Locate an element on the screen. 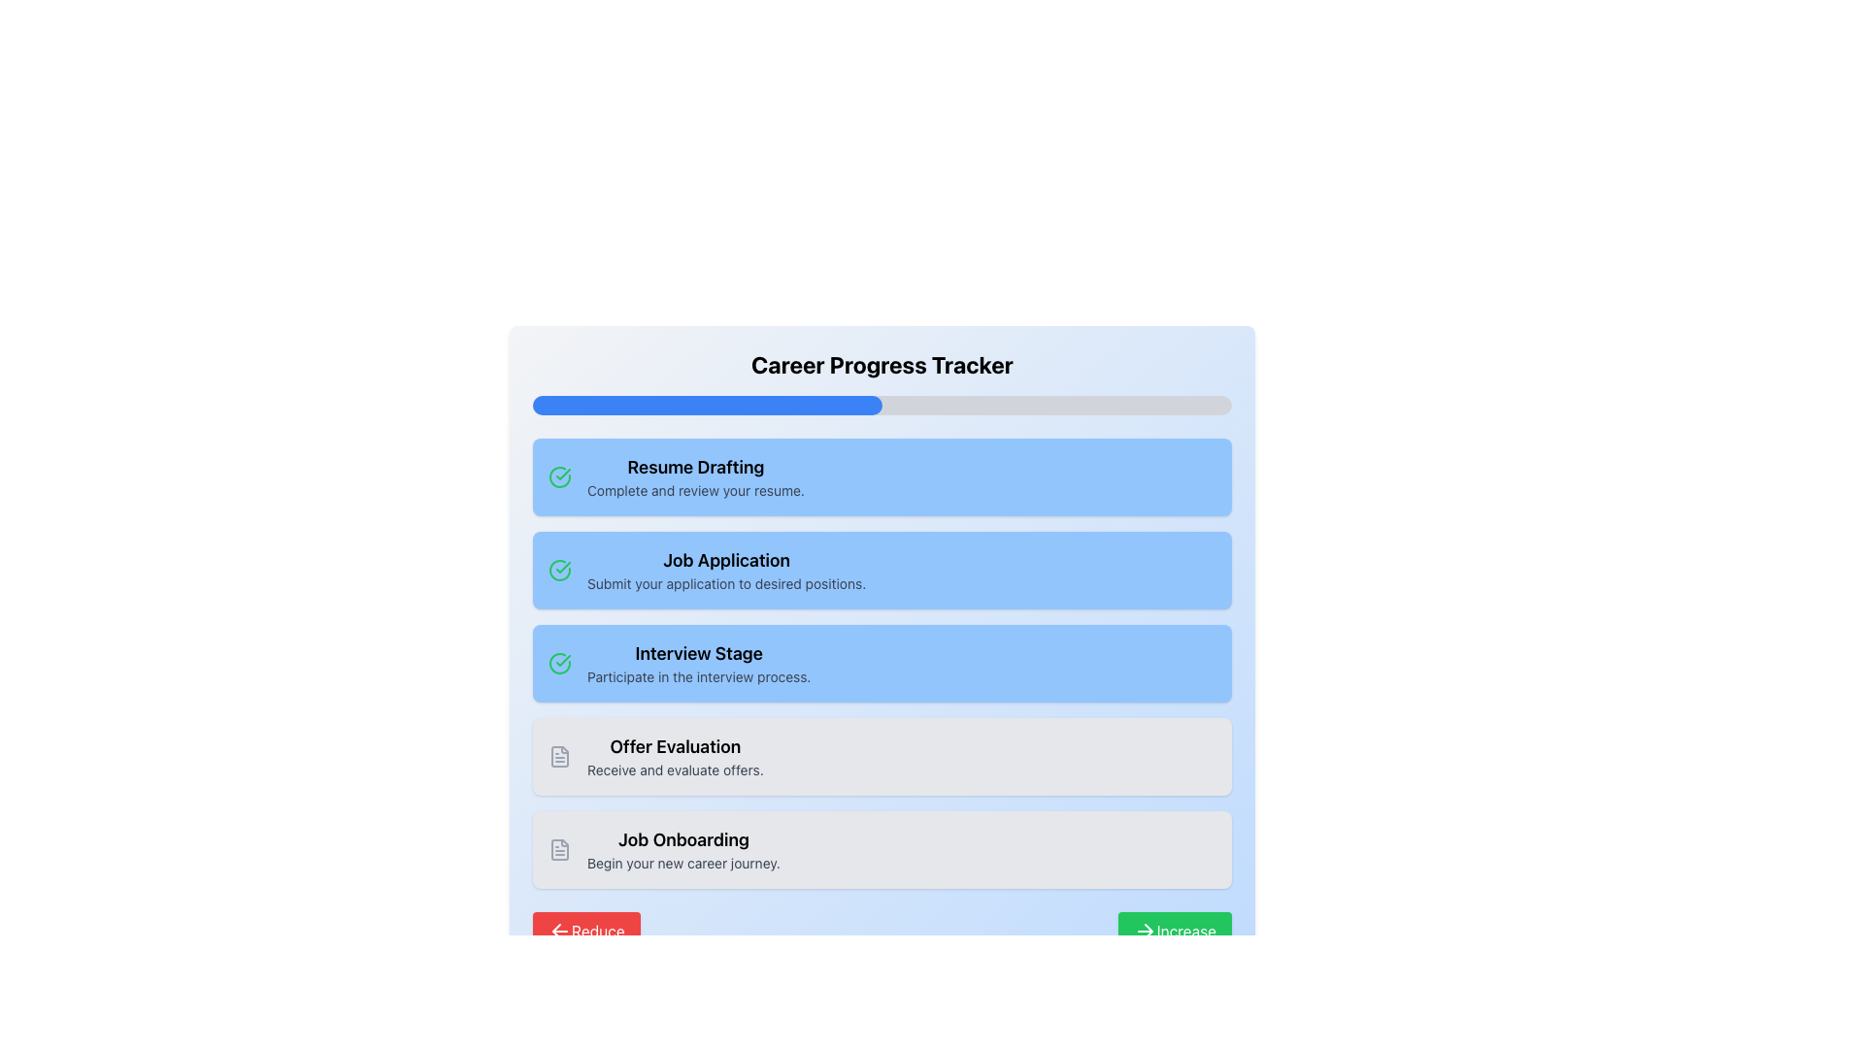  the descriptive text label reading 'Complete and review your resume.' located directly under the heading 'Resume Drafting' within the blue section of the Career Progress Tracker interface is located at coordinates (695, 489).